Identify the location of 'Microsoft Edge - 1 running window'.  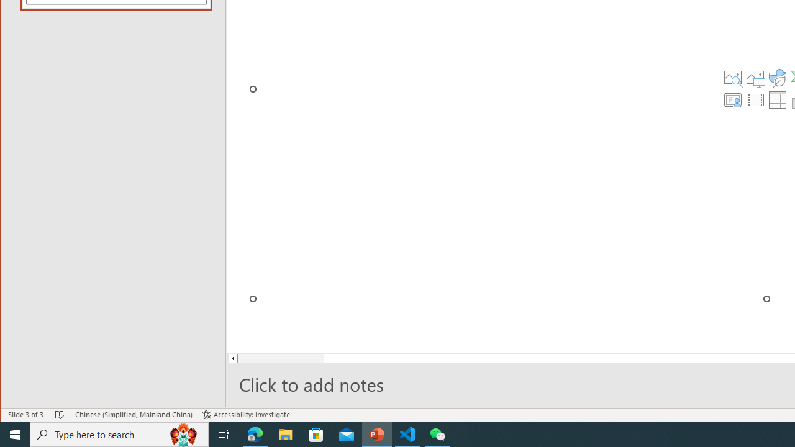
(255, 433).